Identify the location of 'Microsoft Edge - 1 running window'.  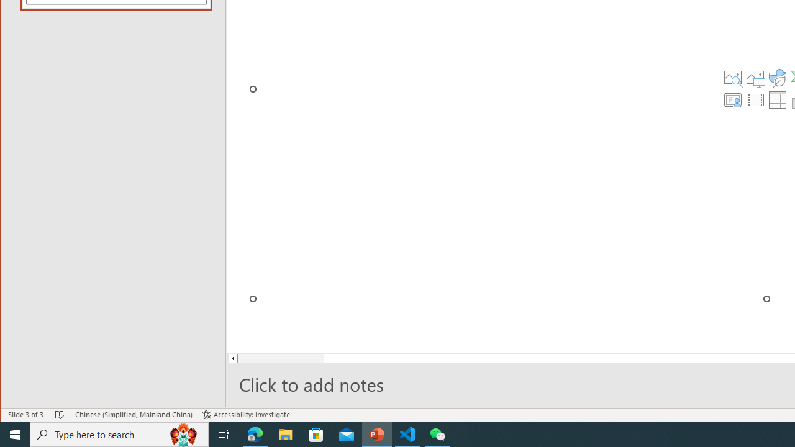
(255, 433).